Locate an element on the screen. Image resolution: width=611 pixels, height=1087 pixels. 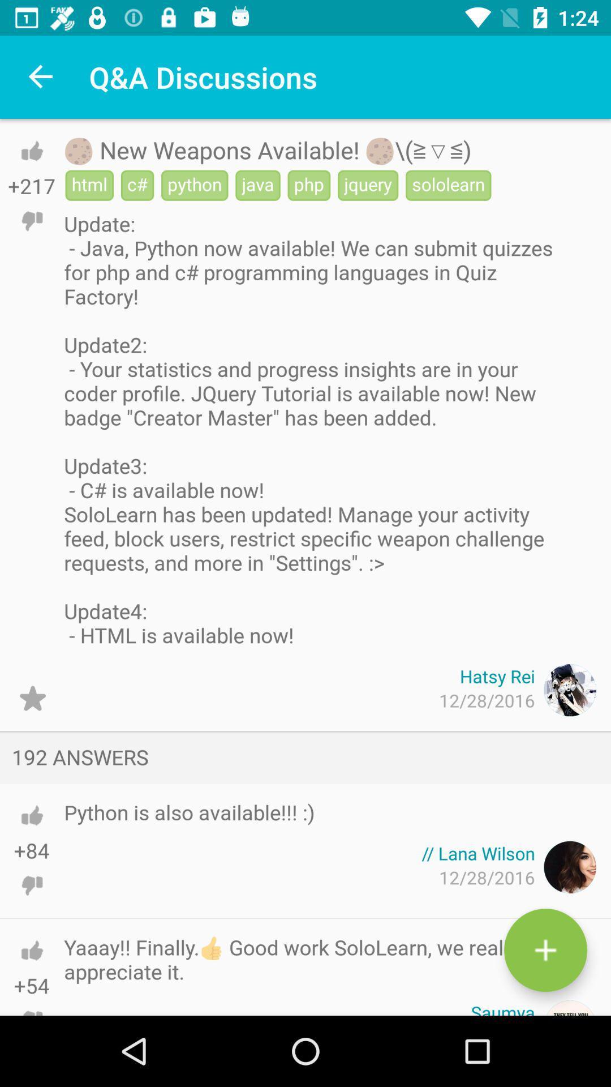
write new answer is located at coordinates (545, 950).